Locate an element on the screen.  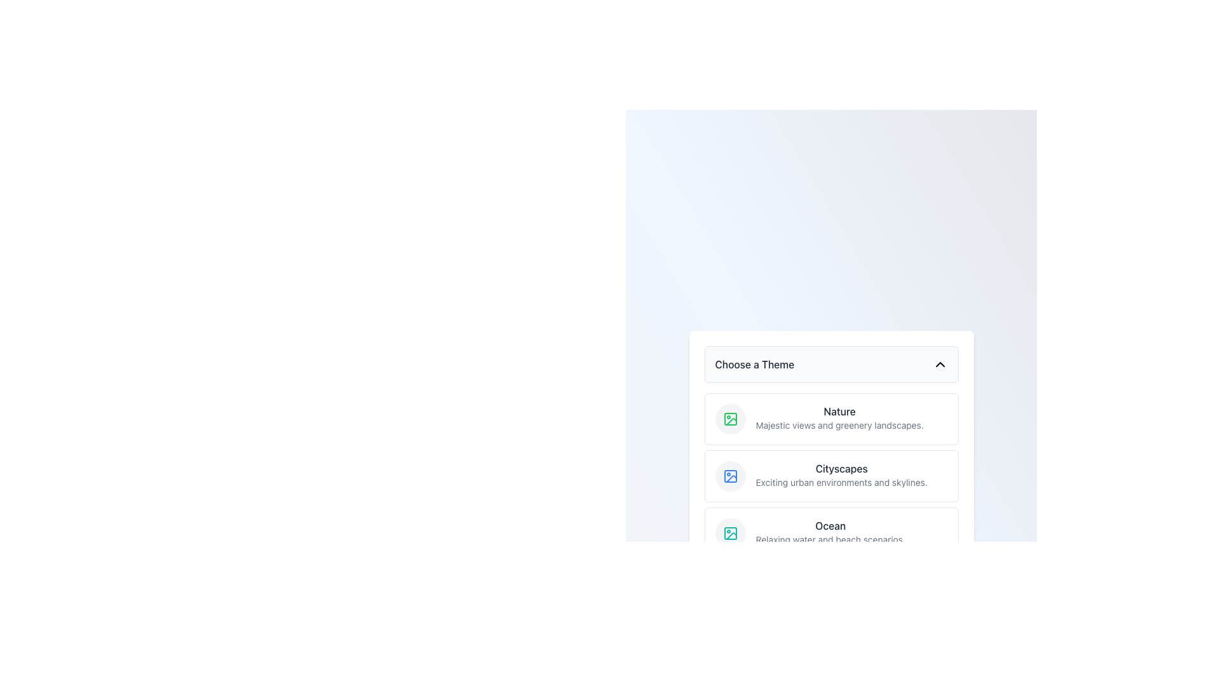
the 'Ocean' theme option in the list under the title 'Choose a Theme' is located at coordinates (830, 534).